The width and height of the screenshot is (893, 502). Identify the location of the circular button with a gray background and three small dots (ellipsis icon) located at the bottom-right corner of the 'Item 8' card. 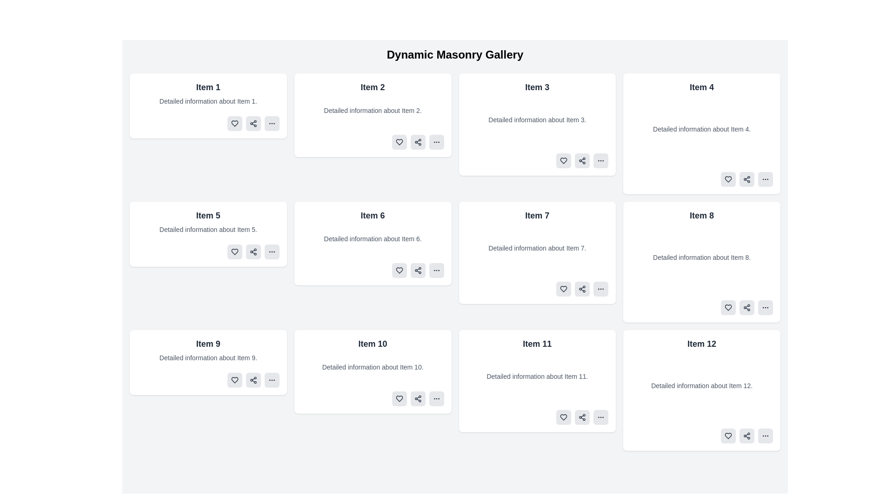
(766, 308).